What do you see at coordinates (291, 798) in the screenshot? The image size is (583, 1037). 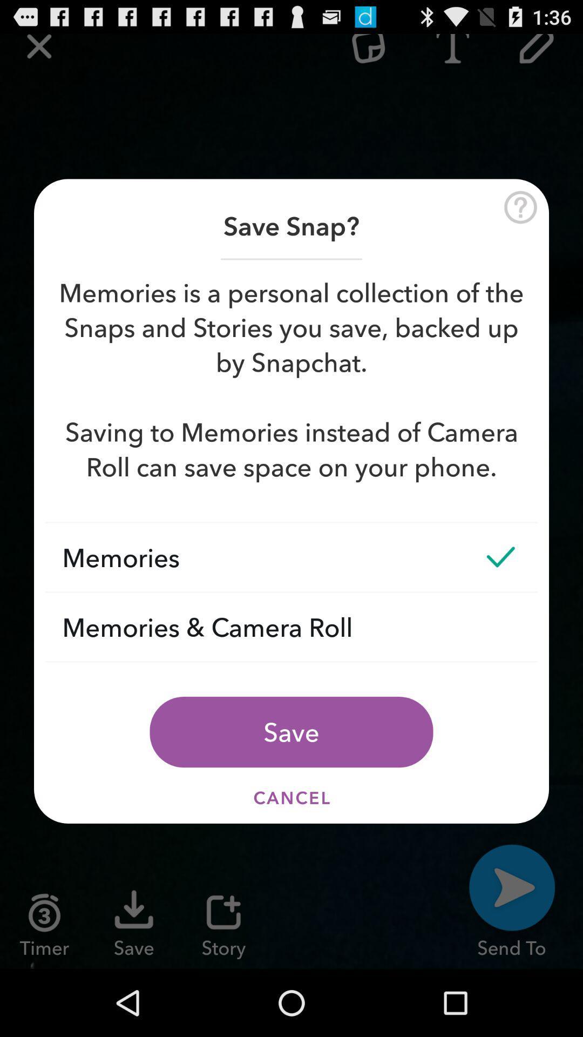 I see `item below the save` at bounding box center [291, 798].